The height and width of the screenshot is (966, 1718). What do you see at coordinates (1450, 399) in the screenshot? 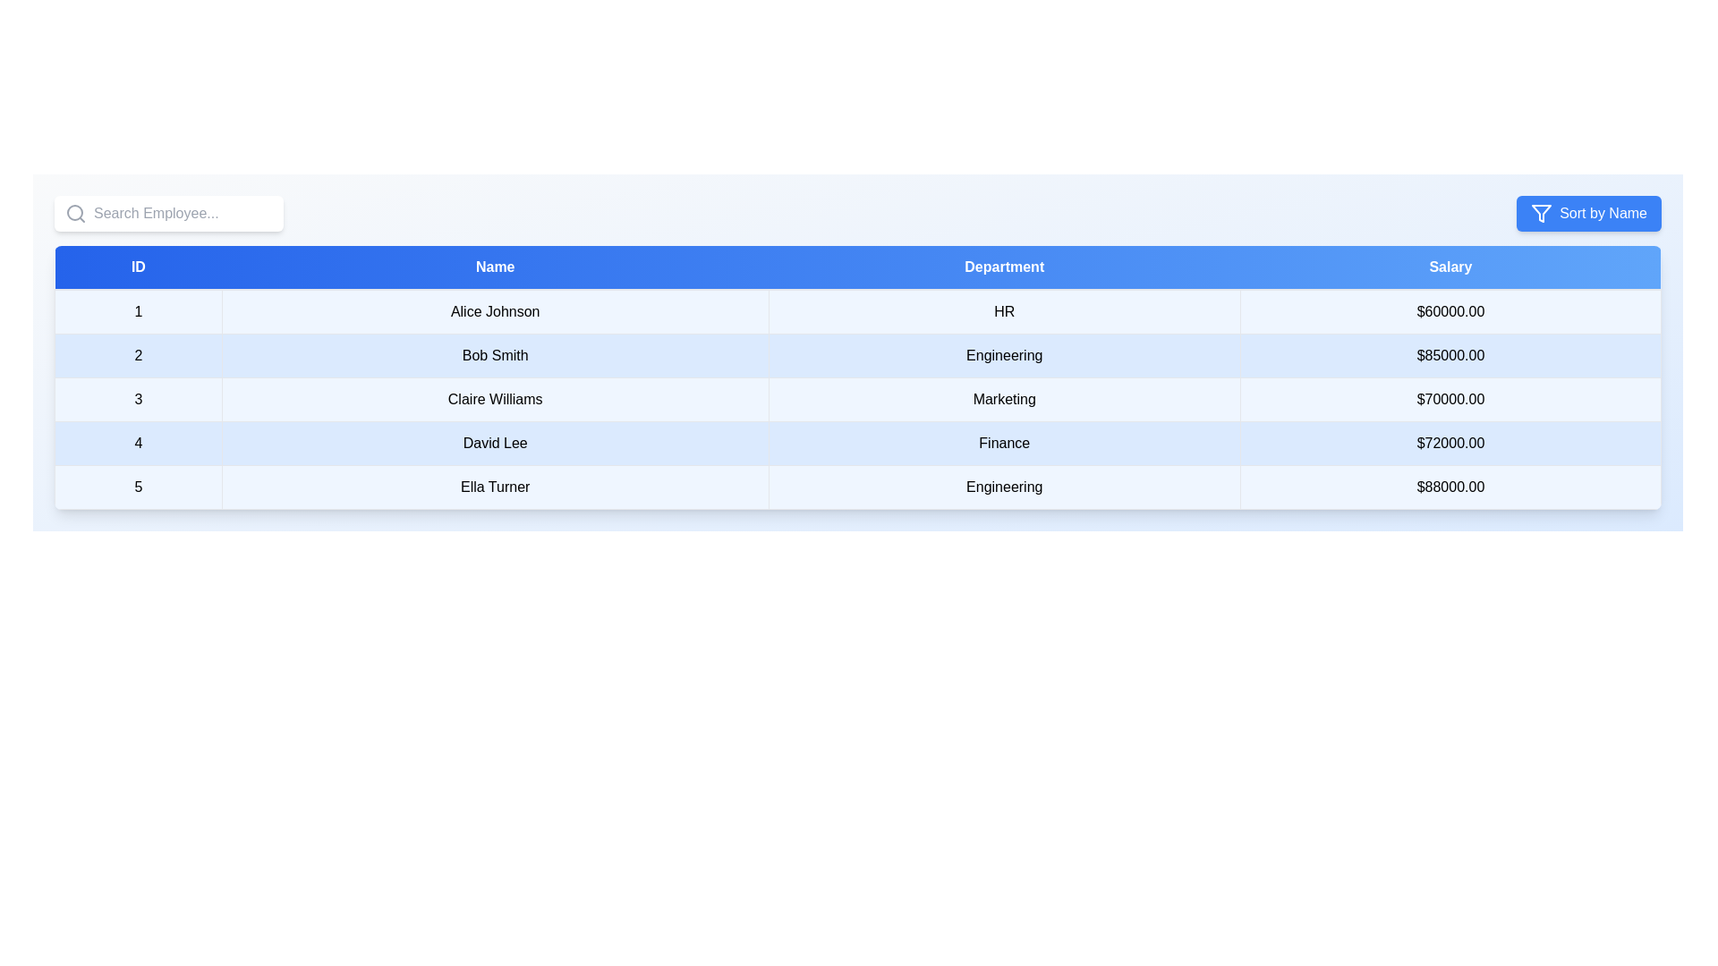
I see `the text display showing the salary '$70000.00' for Claire Williams in the 'Salary' column of the table` at bounding box center [1450, 399].